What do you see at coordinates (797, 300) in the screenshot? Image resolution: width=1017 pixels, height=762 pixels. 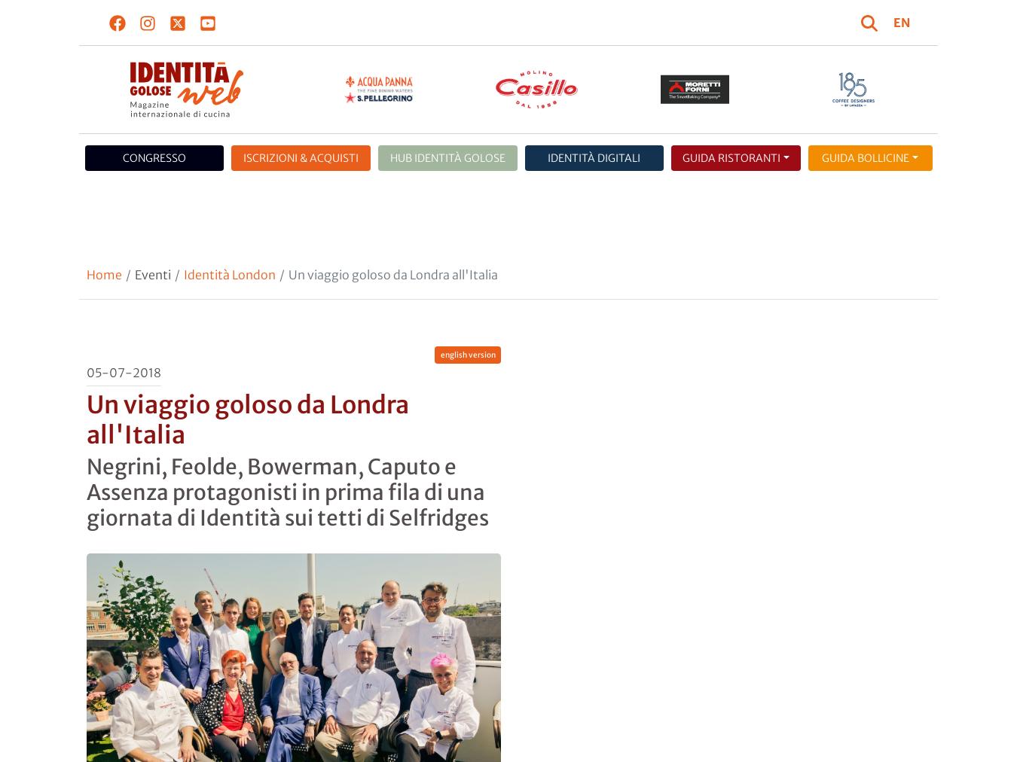 I see `'Identità Chicago'` at bounding box center [797, 300].